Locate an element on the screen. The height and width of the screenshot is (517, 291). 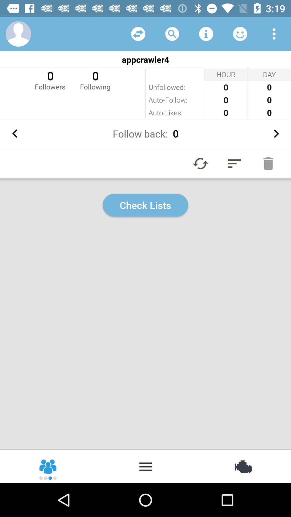
delete item is located at coordinates (268, 163).